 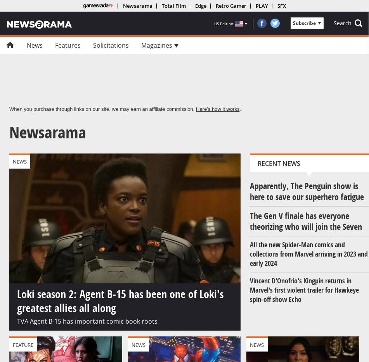 What do you see at coordinates (131, 100) in the screenshot?
I see `'Takes you closer to the games, movies and TV you love'` at bounding box center [131, 100].